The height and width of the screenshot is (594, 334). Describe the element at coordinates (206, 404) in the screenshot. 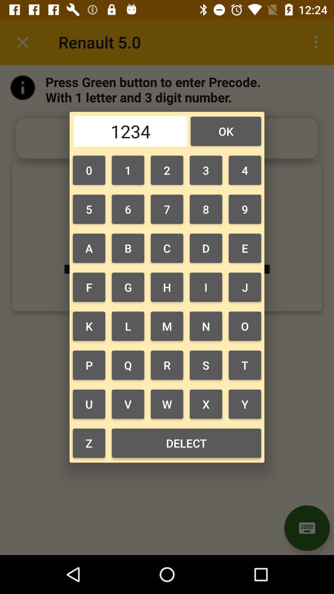

I see `the item next to t item` at that location.